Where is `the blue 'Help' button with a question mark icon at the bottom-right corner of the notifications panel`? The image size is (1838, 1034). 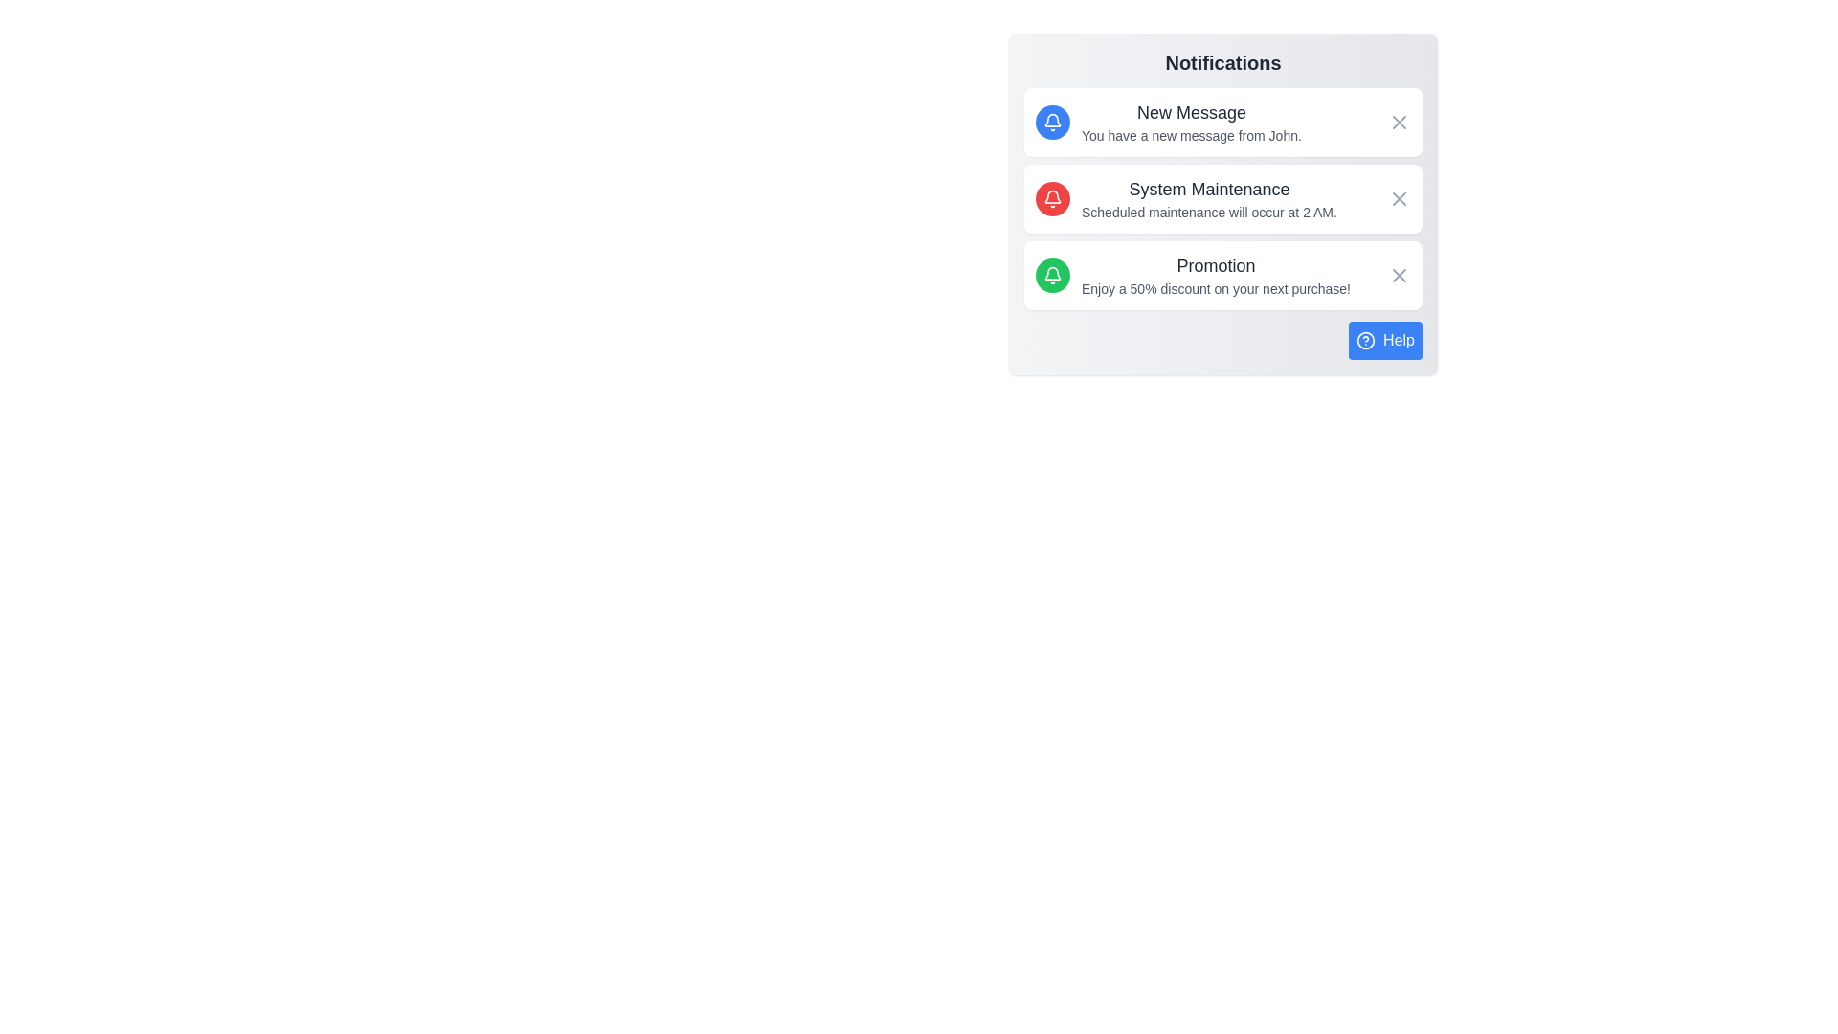 the blue 'Help' button with a question mark icon at the bottom-right corner of the notifications panel is located at coordinates (1385, 339).